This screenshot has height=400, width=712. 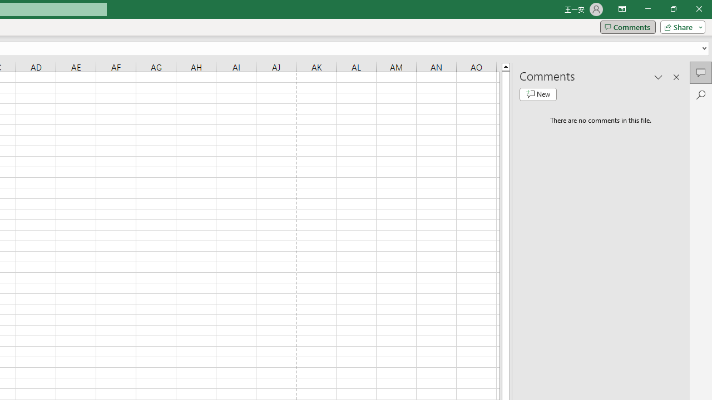 What do you see at coordinates (505, 66) in the screenshot?
I see `'Line up'` at bounding box center [505, 66].